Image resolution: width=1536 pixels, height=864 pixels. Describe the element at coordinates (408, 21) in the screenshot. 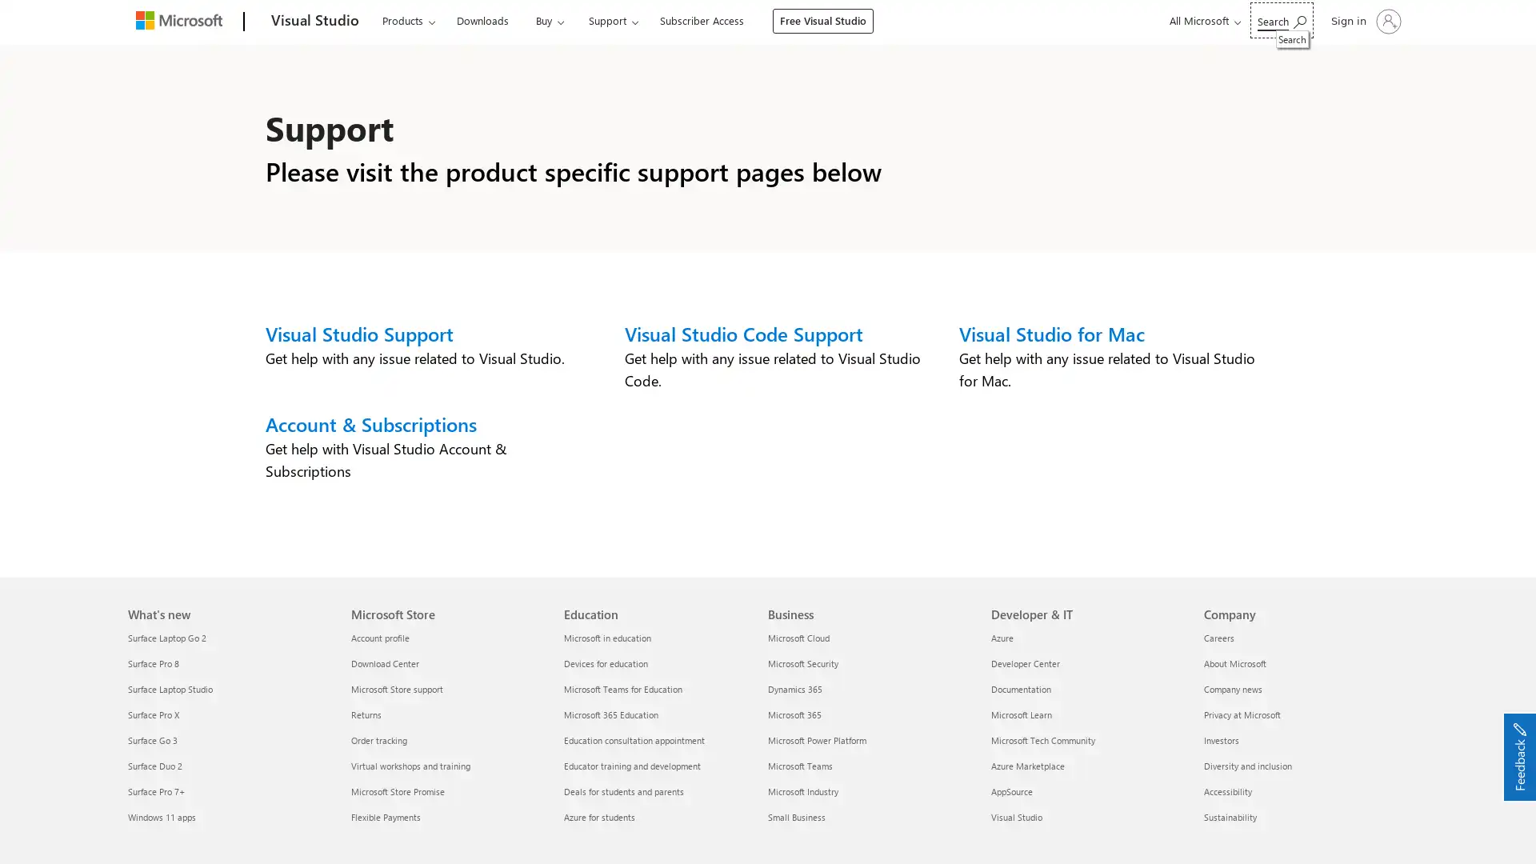

I see `Products` at that location.